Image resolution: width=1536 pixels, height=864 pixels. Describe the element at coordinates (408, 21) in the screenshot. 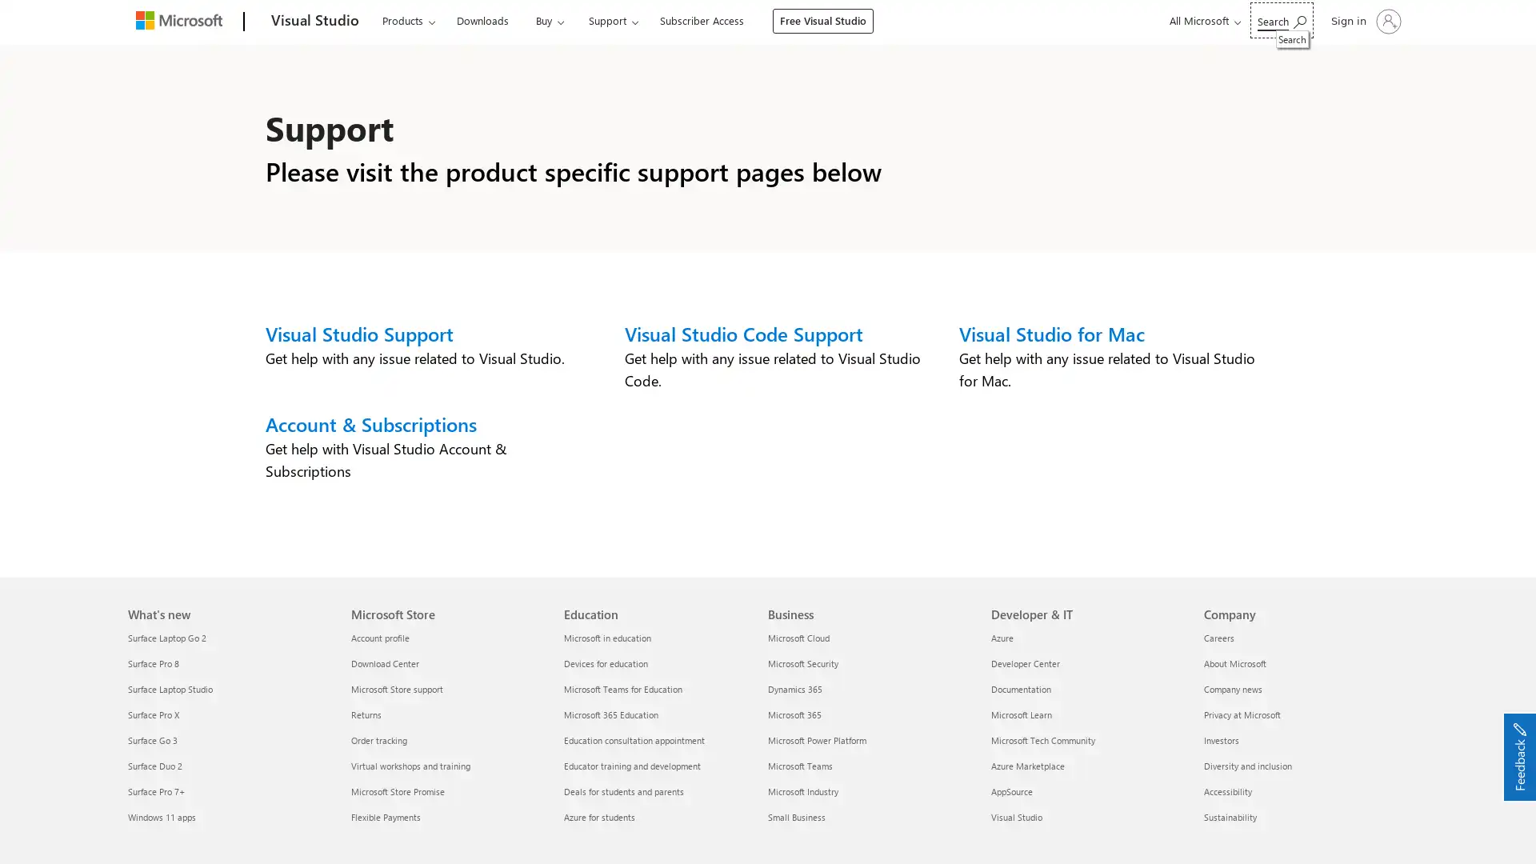

I see `Products` at that location.